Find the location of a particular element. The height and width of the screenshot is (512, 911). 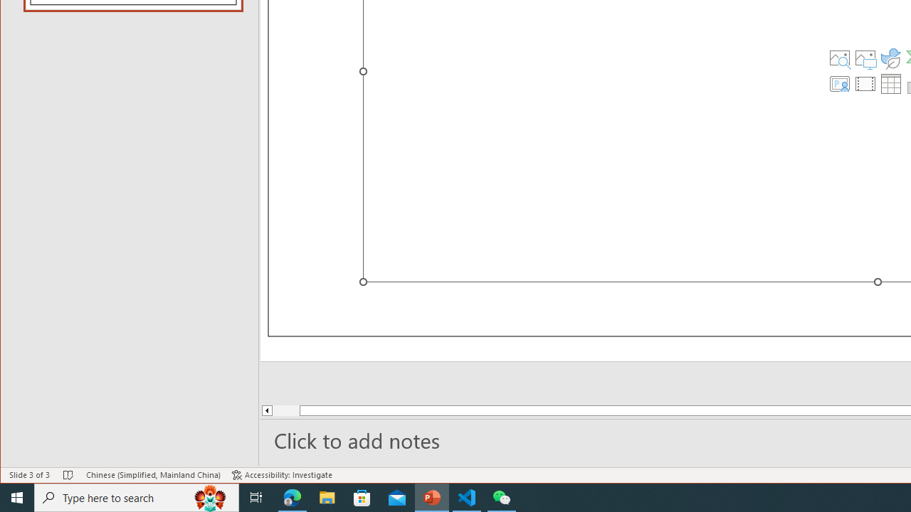

'Stock Images' is located at coordinates (839, 58).